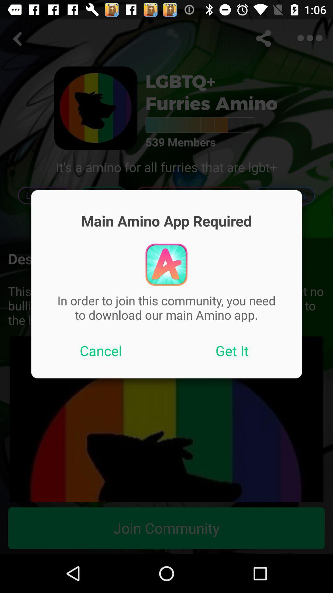 The image size is (333, 593). What do you see at coordinates (101, 351) in the screenshot?
I see `the icon below in order to app` at bounding box center [101, 351].